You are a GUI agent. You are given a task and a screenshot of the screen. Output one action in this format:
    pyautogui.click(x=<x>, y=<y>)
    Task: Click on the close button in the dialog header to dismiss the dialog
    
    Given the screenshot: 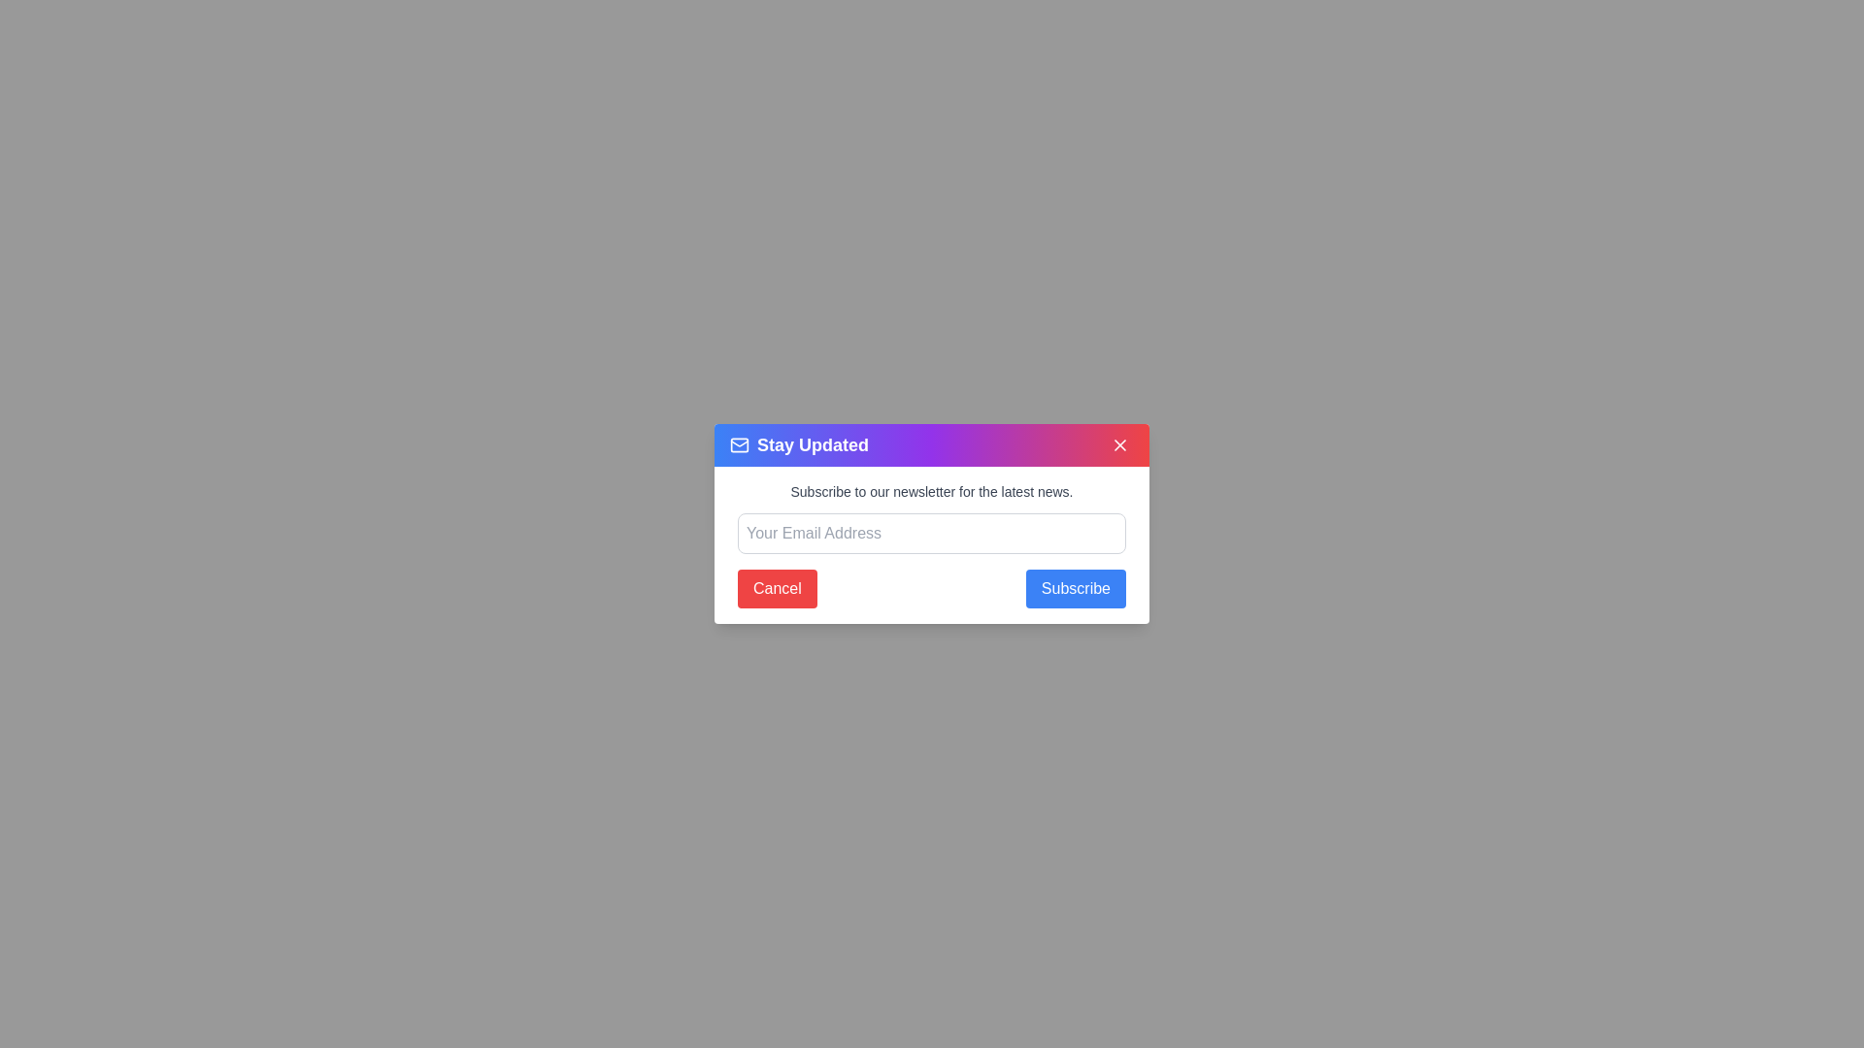 What is the action you would take?
    pyautogui.click(x=1119, y=445)
    